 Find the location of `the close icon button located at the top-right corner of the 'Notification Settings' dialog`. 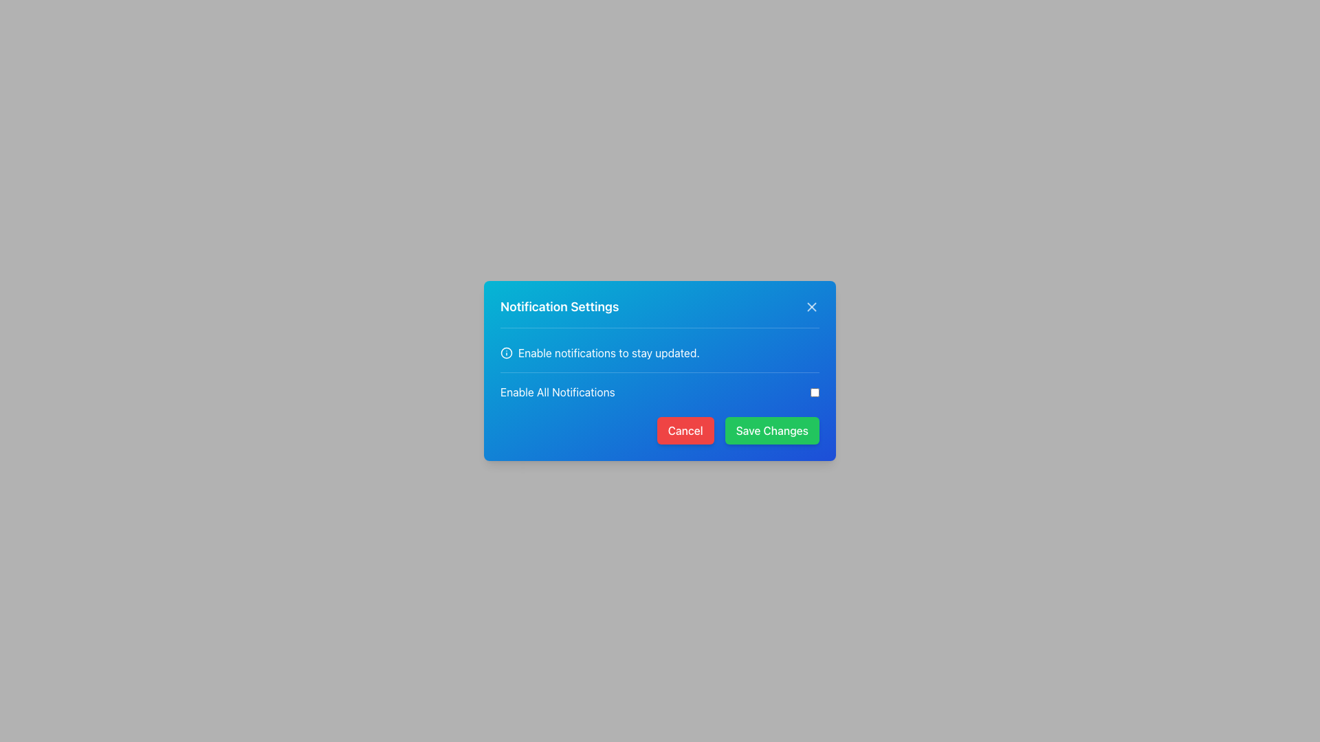

the close icon button located at the top-right corner of the 'Notification Settings' dialog is located at coordinates (811, 306).